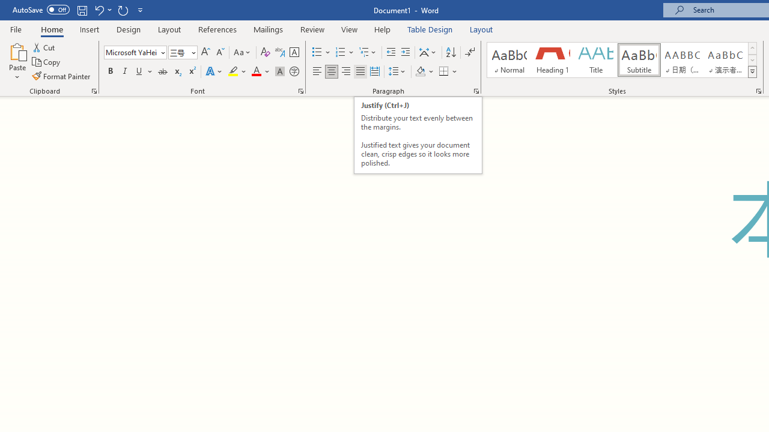 The image size is (769, 432). I want to click on 'Character Shading', so click(279, 71).